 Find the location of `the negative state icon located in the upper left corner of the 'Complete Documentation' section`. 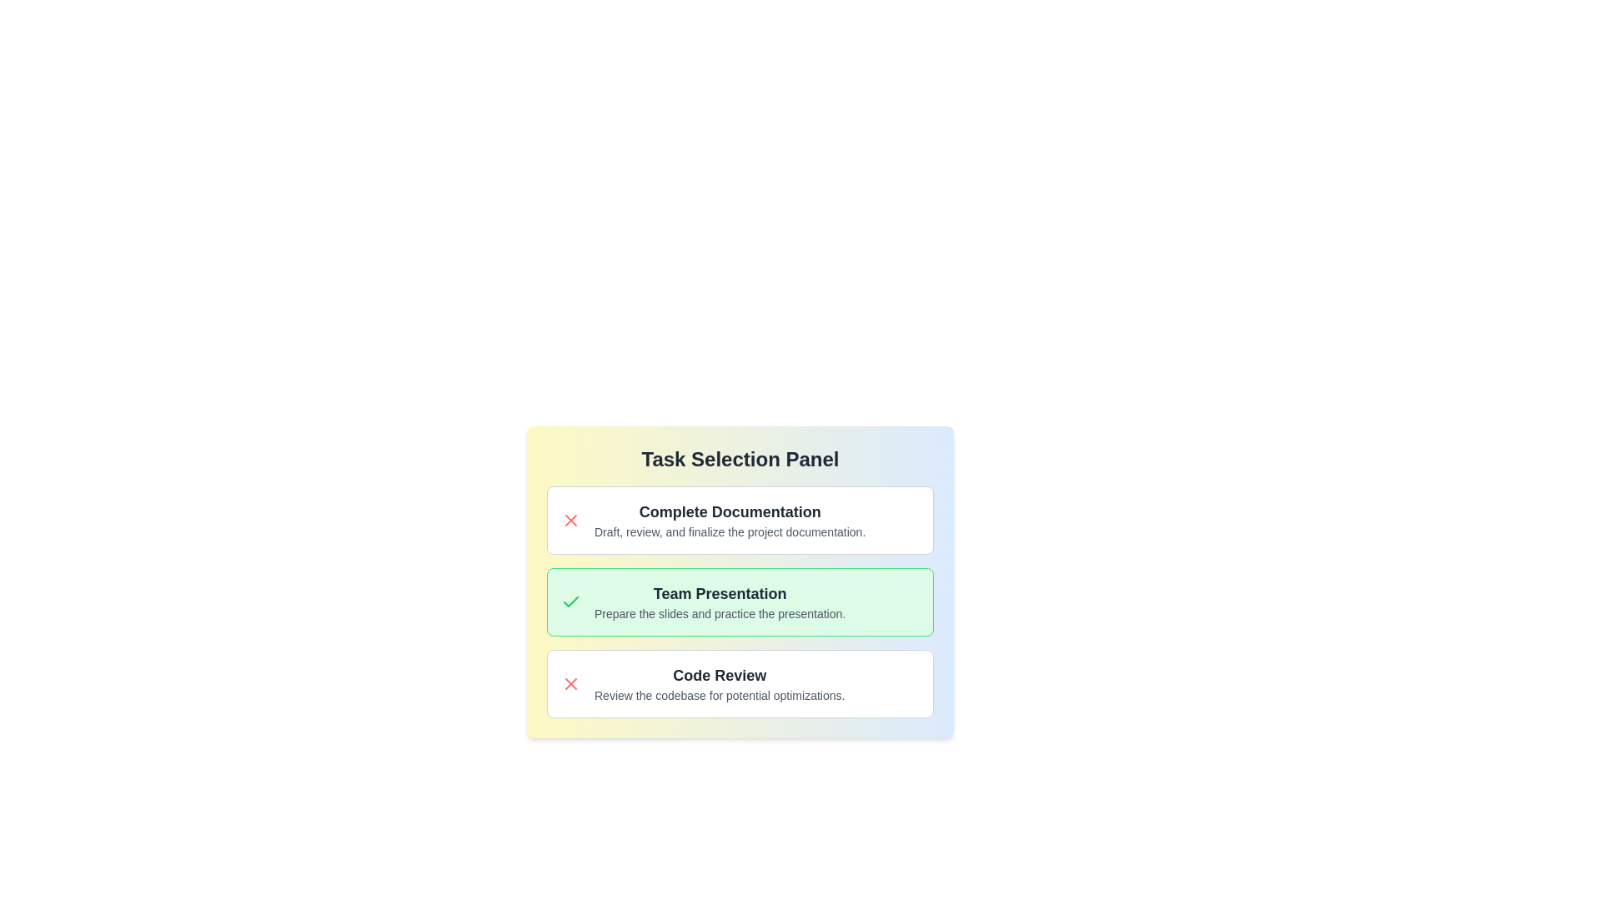

the negative state icon located in the upper left corner of the 'Complete Documentation' section is located at coordinates (571, 520).